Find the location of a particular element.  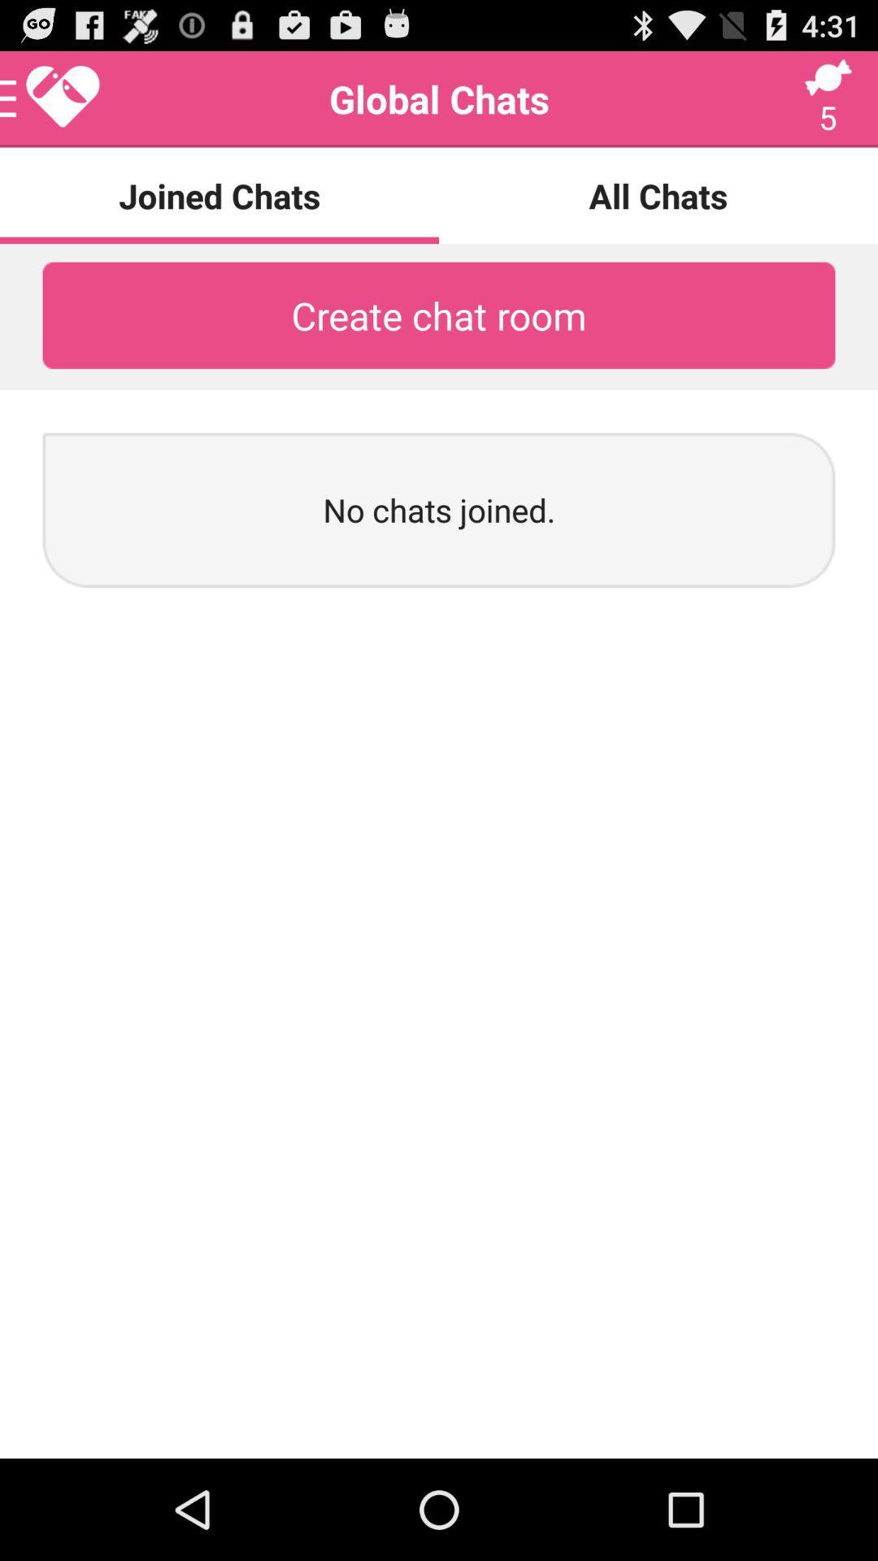

the icon below the global chats icon is located at coordinates (658, 195).